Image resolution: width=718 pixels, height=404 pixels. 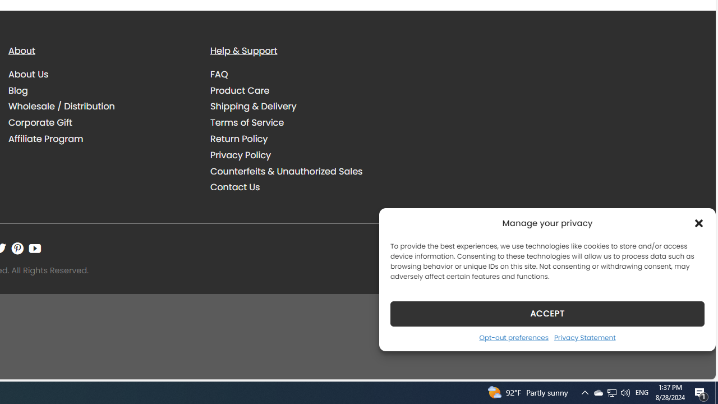 I want to click on 'Privacy Policy', so click(x=240, y=155).